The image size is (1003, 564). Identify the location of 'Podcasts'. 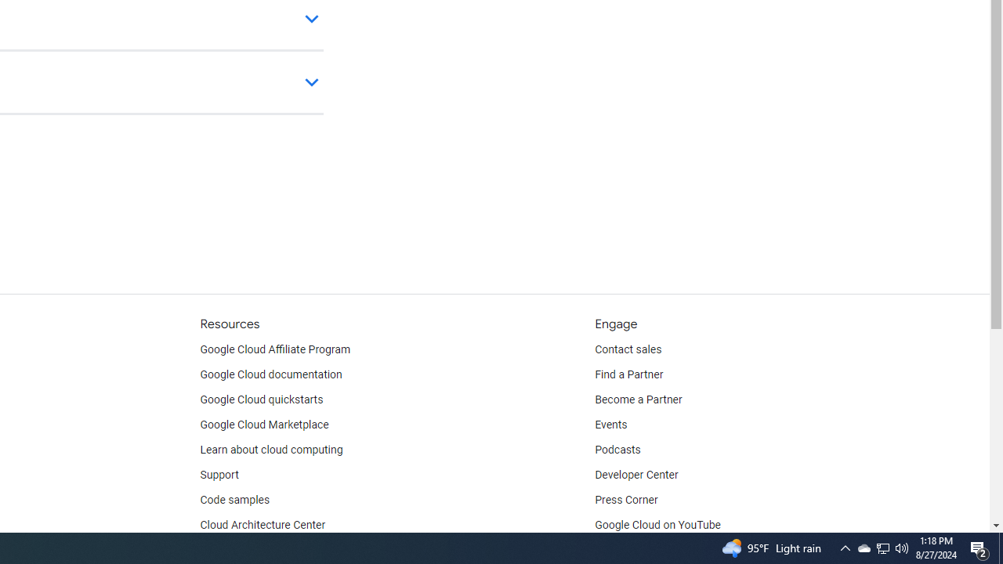
(617, 450).